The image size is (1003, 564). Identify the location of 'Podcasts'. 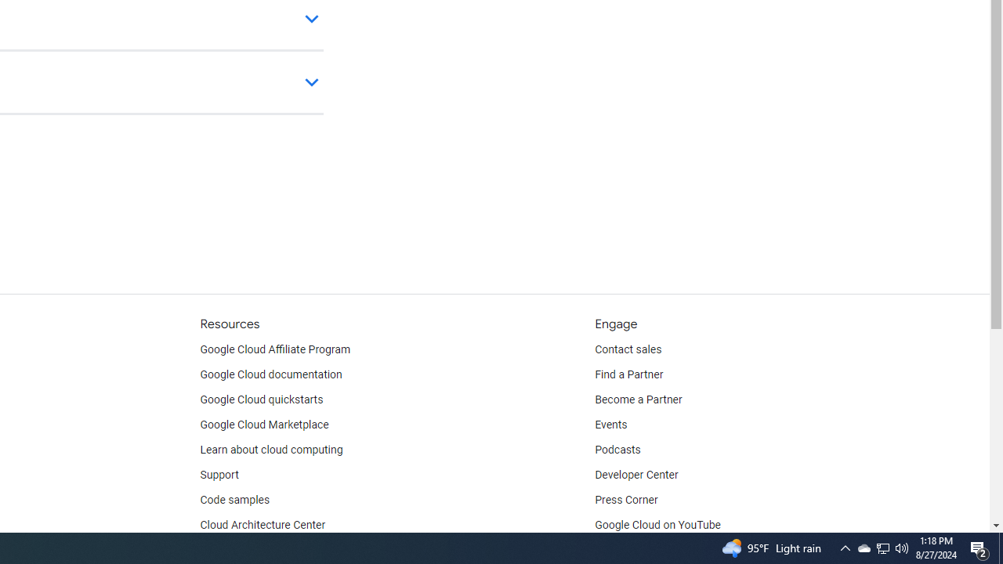
(617, 450).